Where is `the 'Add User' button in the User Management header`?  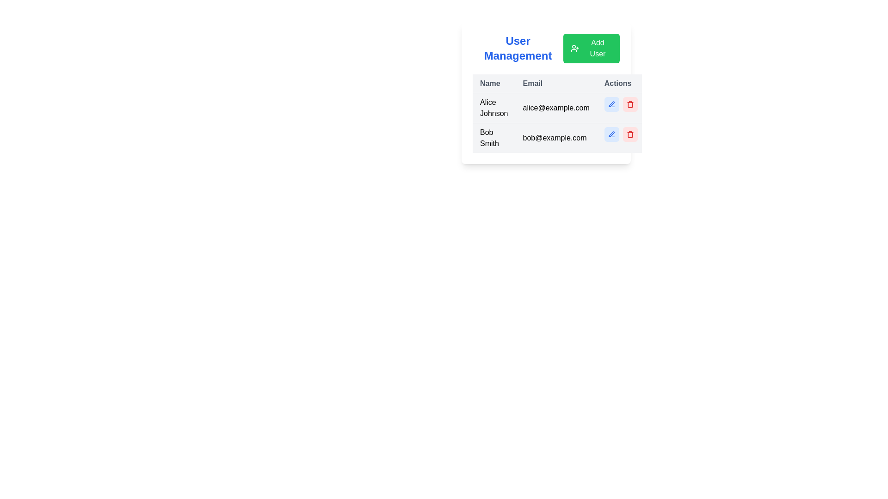 the 'Add User' button in the User Management header is located at coordinates (546, 48).